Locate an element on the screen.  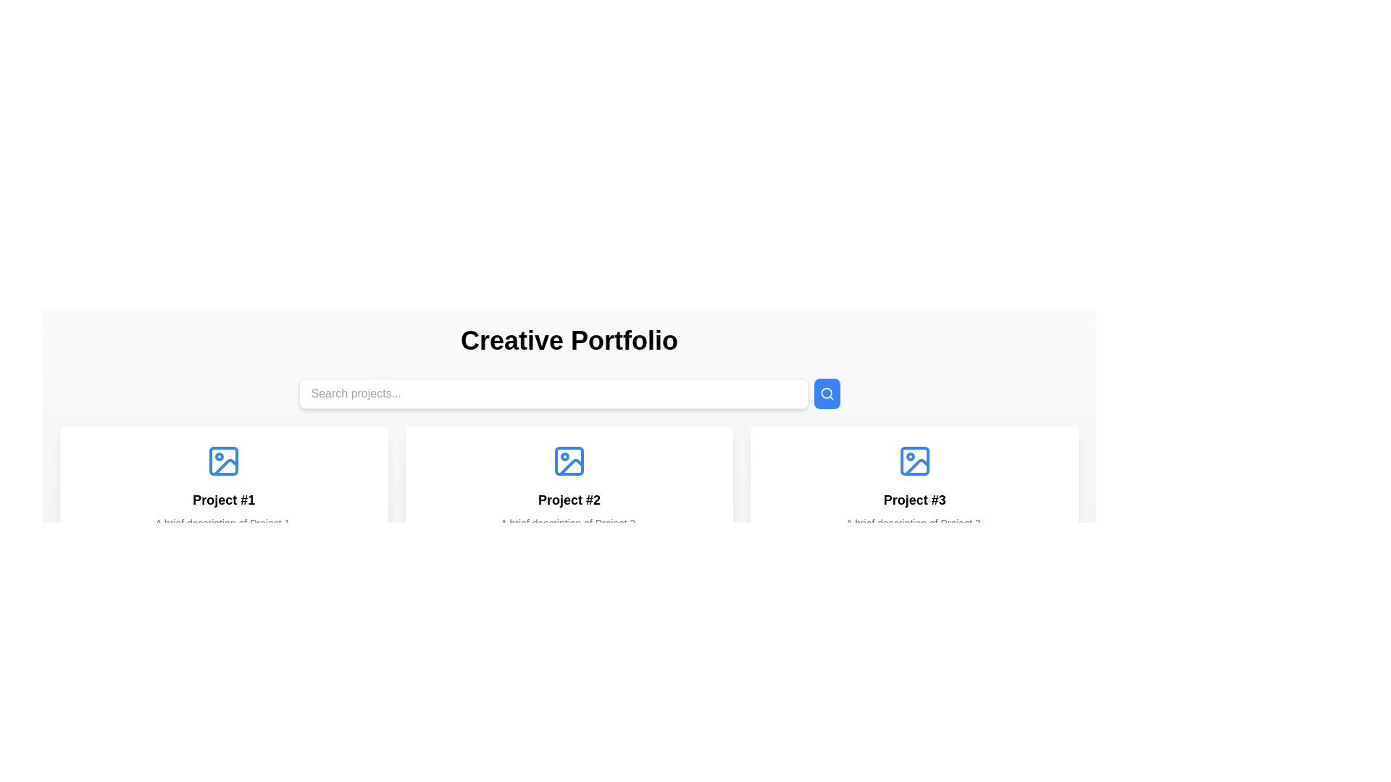
blue stylized image icon resembling a slanted triangle located in the card labeled 'Project #2' by clicking on it is located at coordinates (570, 467).